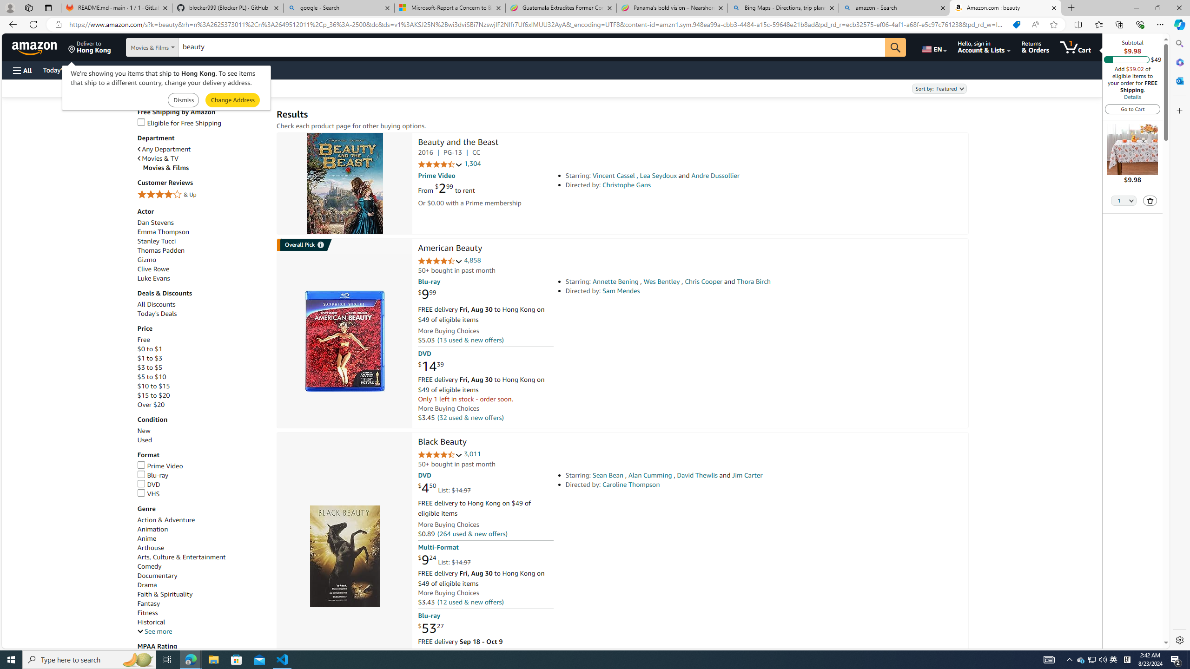  What do you see at coordinates (202, 313) in the screenshot?
I see `'Today'` at bounding box center [202, 313].